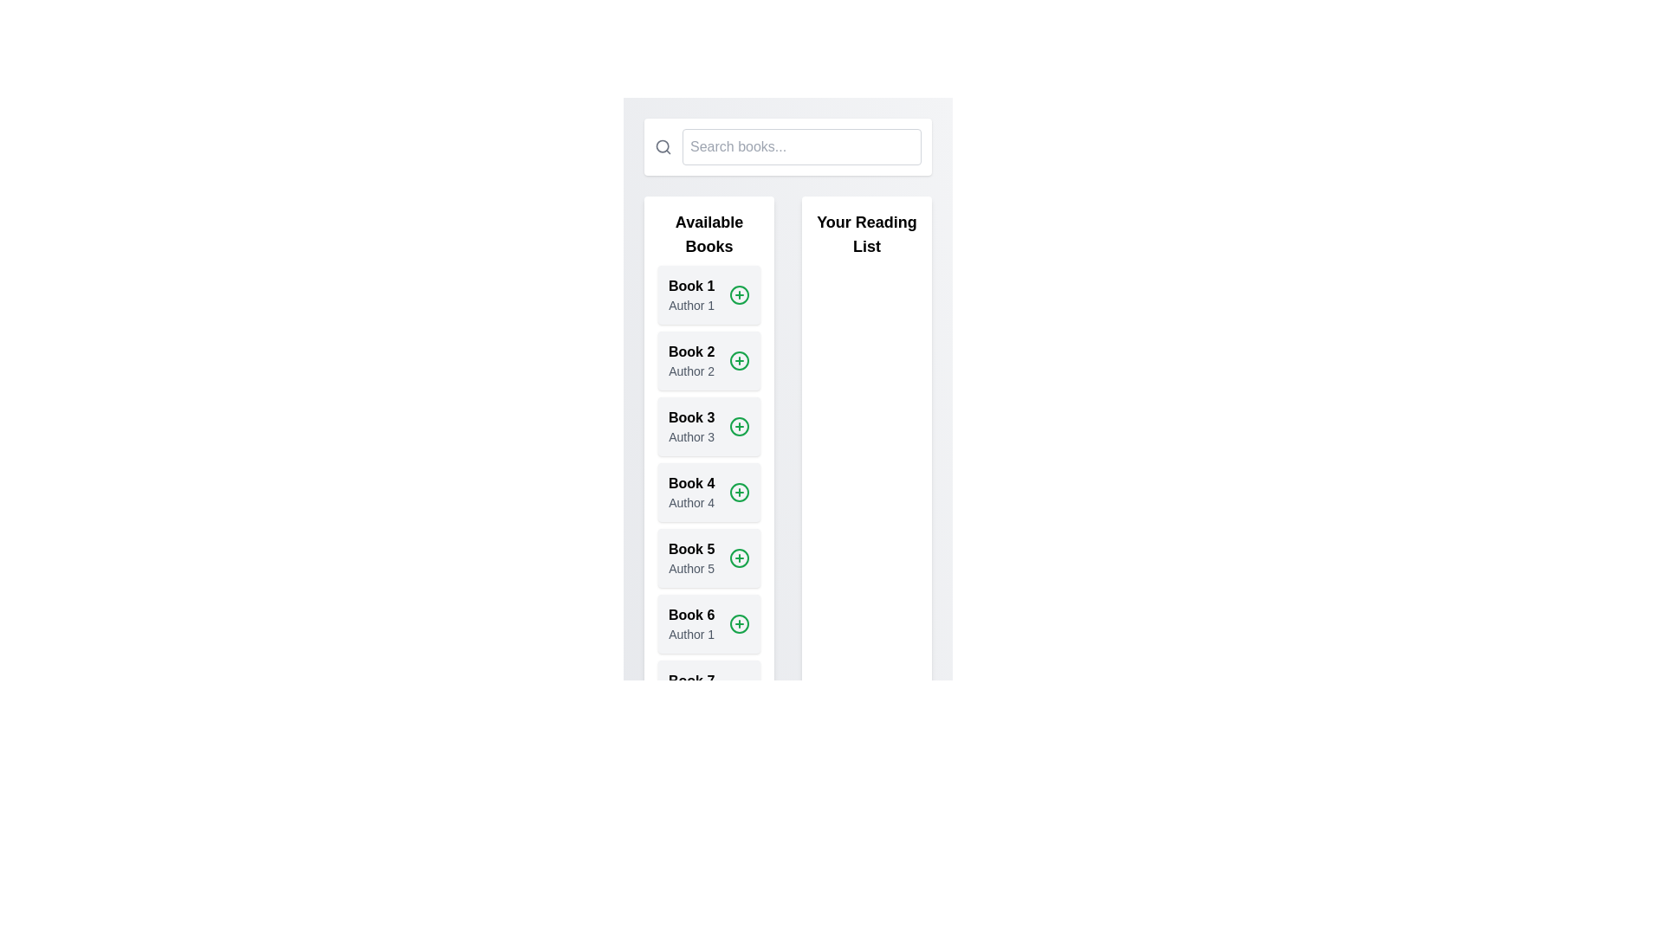 The image size is (1663, 935). What do you see at coordinates (690, 370) in the screenshot?
I see `the text label displaying the author's name for 'Book 2' located in the left panel under 'Available Books'` at bounding box center [690, 370].